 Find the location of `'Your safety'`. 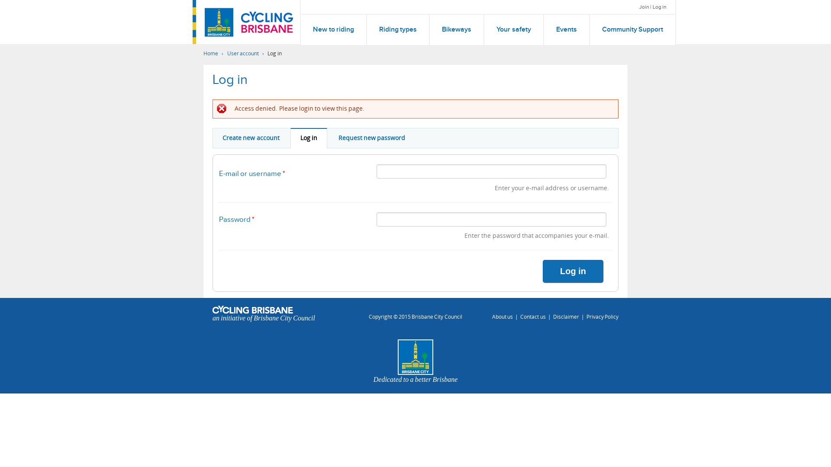

'Your safety' is located at coordinates (483, 29).